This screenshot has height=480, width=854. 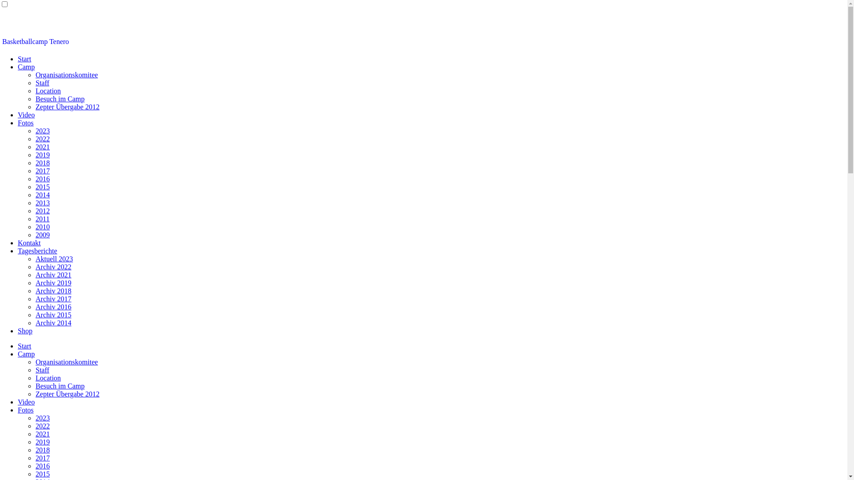 I want to click on 'Basketballcamp Tenero', so click(x=36, y=41).